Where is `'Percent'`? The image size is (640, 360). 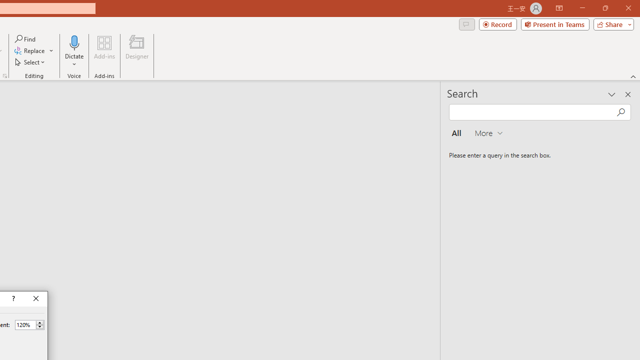
'Percent' is located at coordinates (25, 324).